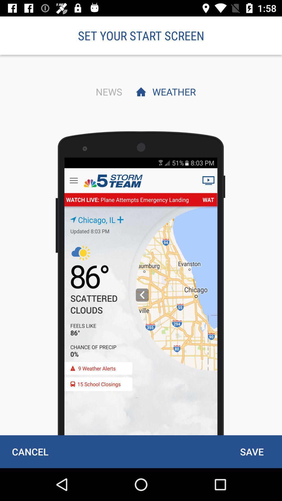  What do you see at coordinates (30, 451) in the screenshot?
I see `item next to save icon` at bounding box center [30, 451].